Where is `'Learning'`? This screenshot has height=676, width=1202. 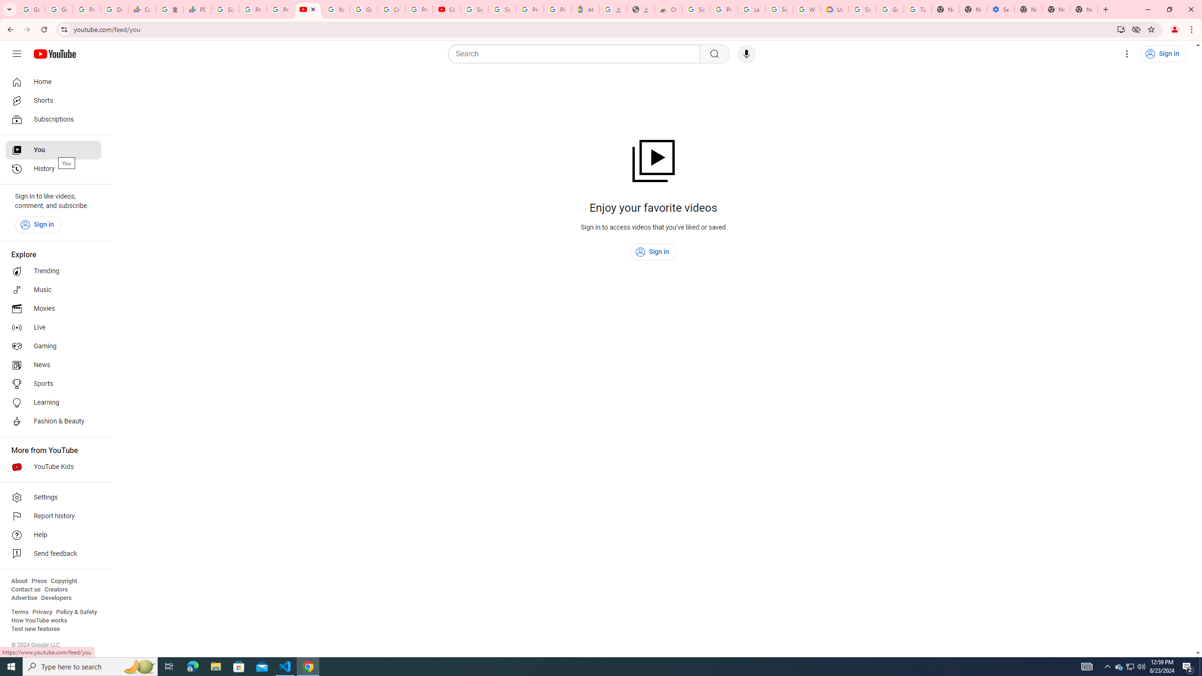 'Learning' is located at coordinates (53, 402).